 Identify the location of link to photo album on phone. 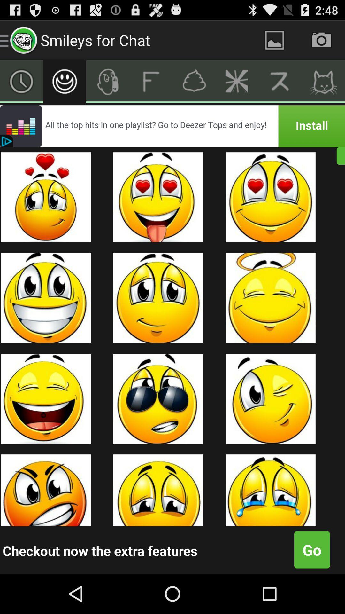
(274, 40).